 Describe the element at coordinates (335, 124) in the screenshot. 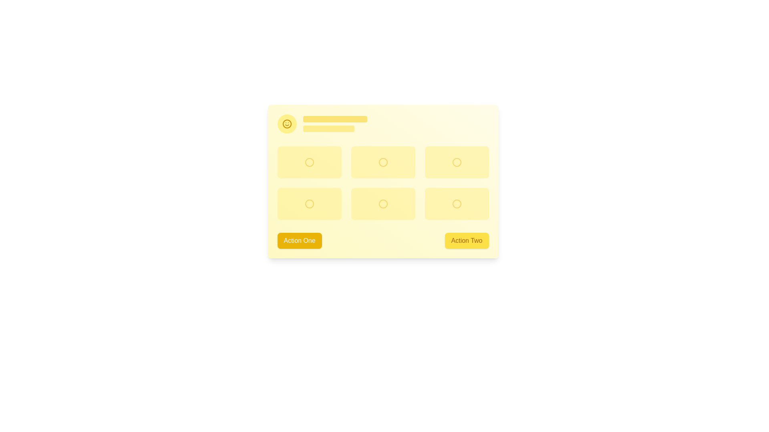

I see `the visual placeholder or skeleton loader located to the right of the circular yellow smiley face icon` at that location.